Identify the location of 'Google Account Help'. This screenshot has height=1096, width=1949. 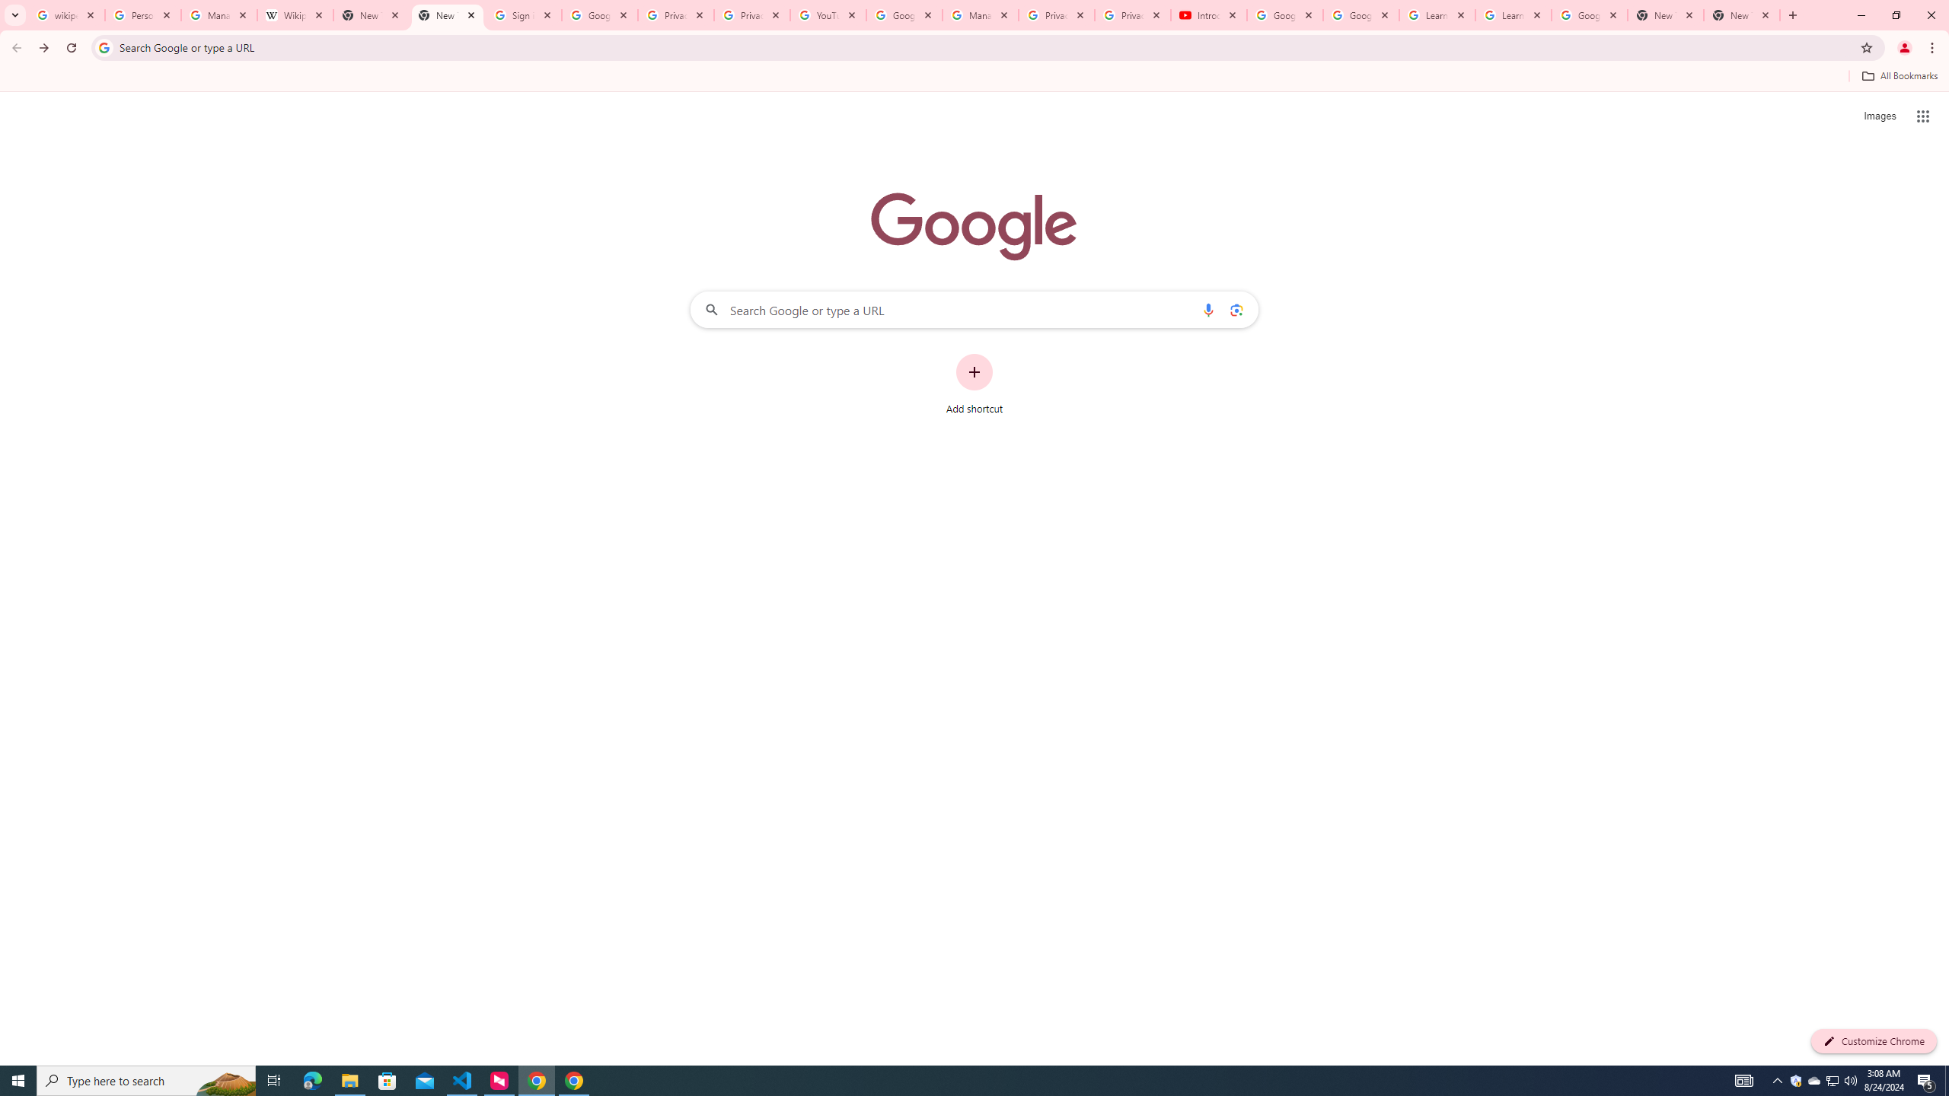
(1359, 14).